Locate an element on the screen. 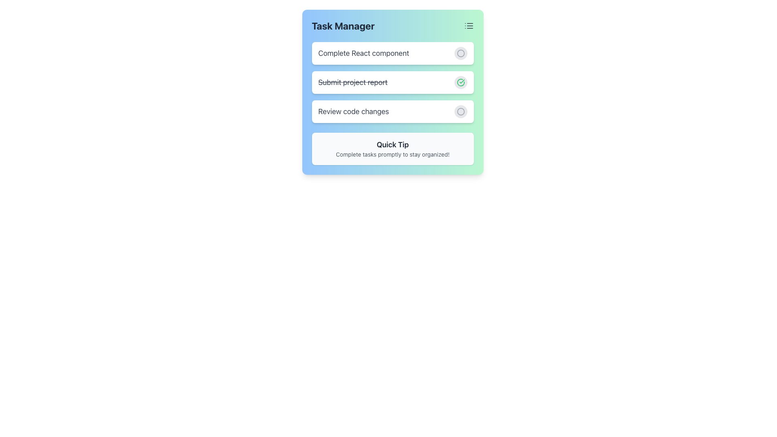  the Task status card element displaying the completed task 'Submit project report' with a green checkmark icon, located in the task manager interface is located at coordinates (393, 91).